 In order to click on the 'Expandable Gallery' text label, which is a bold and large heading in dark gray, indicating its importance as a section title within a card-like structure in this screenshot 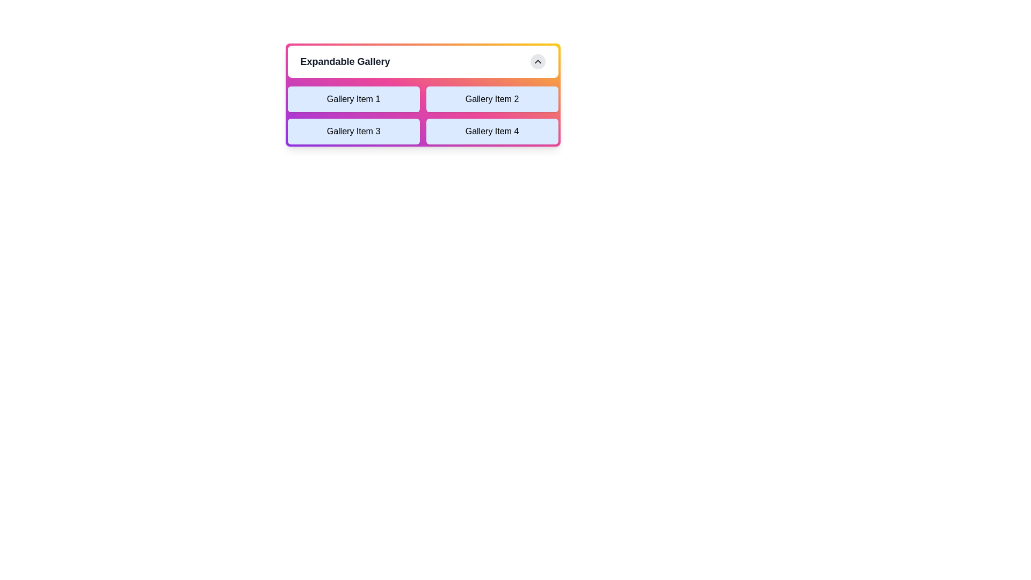, I will do `click(345, 62)`.